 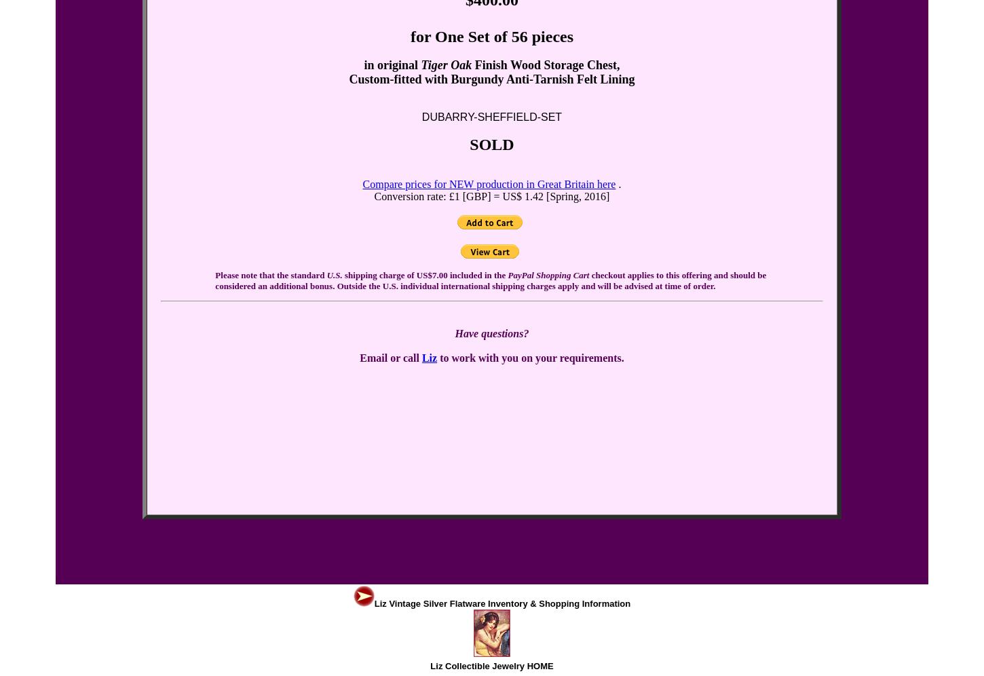 What do you see at coordinates (618, 184) in the screenshot?
I see `'.'` at bounding box center [618, 184].